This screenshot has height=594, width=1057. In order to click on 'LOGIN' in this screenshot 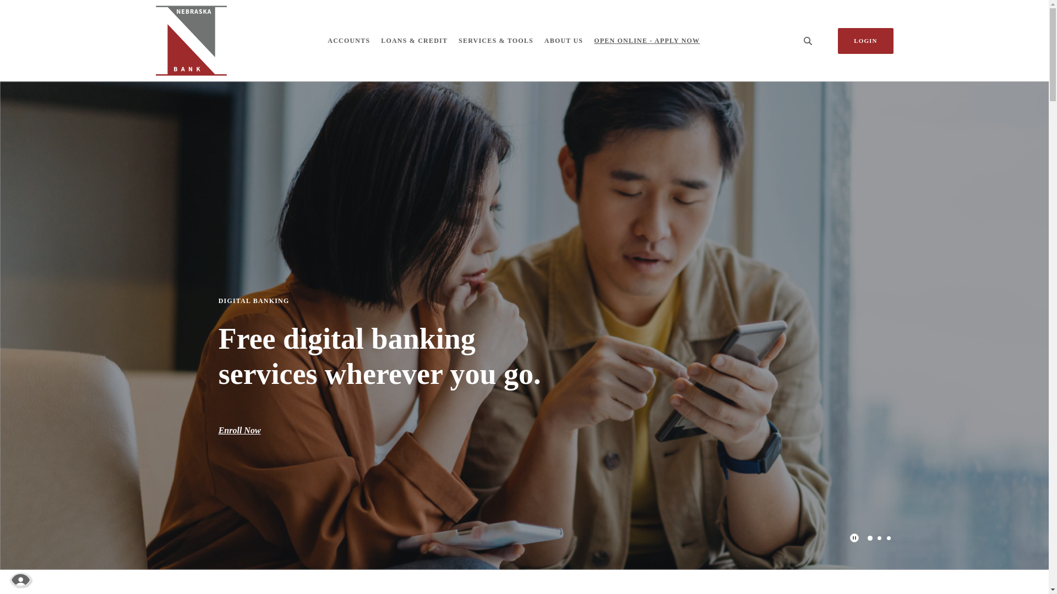, I will do `click(865, 40)`.